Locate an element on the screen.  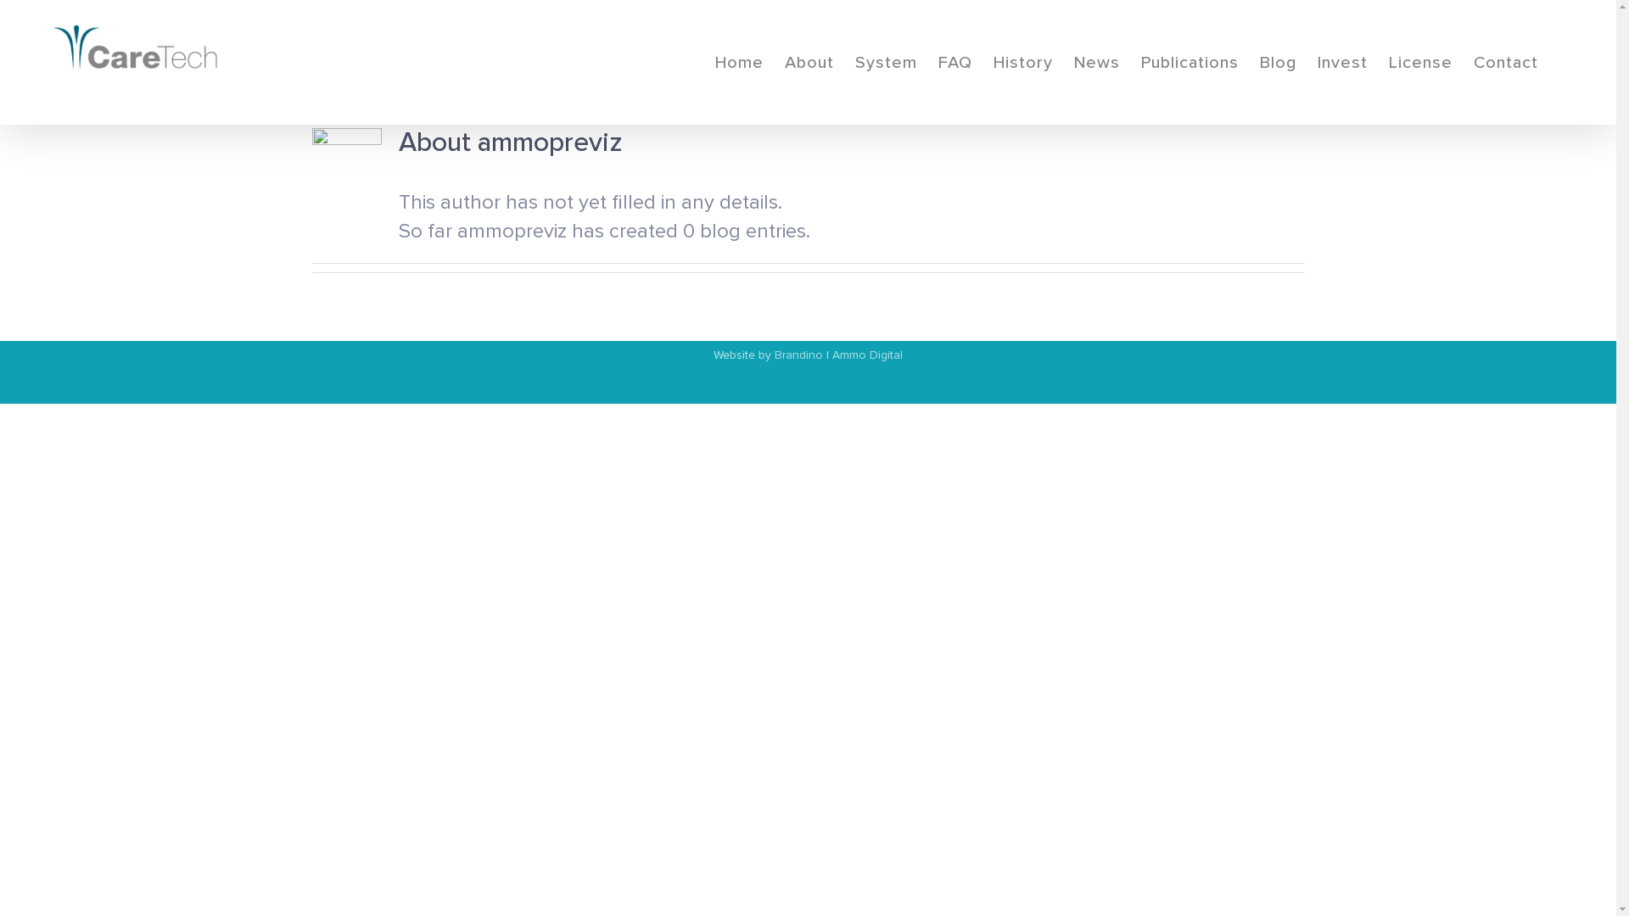
'Contact' is located at coordinates (1506, 61).